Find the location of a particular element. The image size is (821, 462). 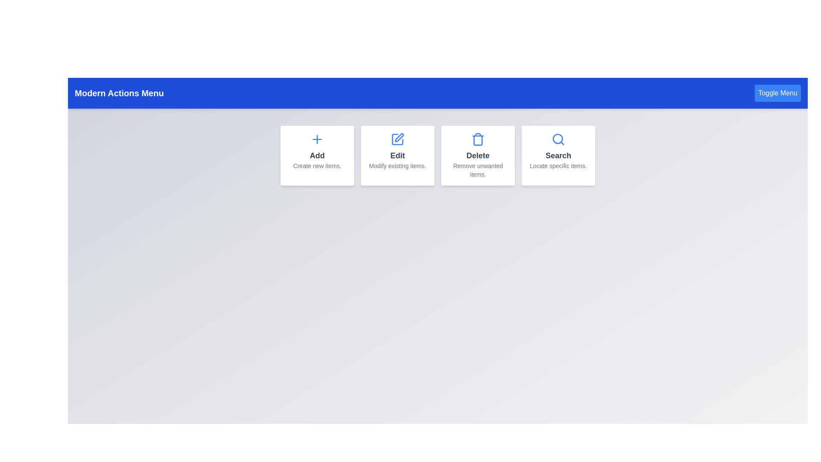

'Toggle Menu' button to toggle the visibility of the menu is located at coordinates (778, 93).